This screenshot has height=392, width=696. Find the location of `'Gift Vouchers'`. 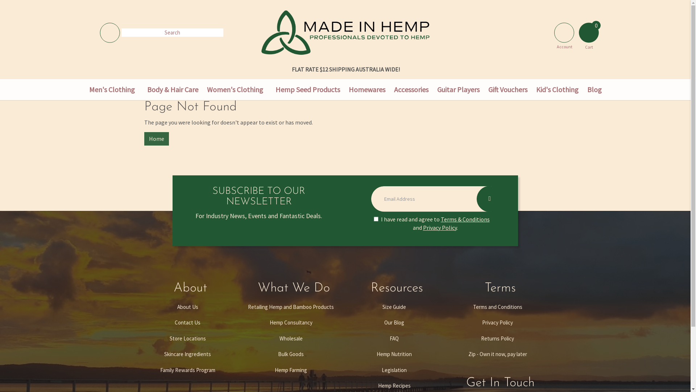

'Gift Vouchers' is located at coordinates (507, 89).